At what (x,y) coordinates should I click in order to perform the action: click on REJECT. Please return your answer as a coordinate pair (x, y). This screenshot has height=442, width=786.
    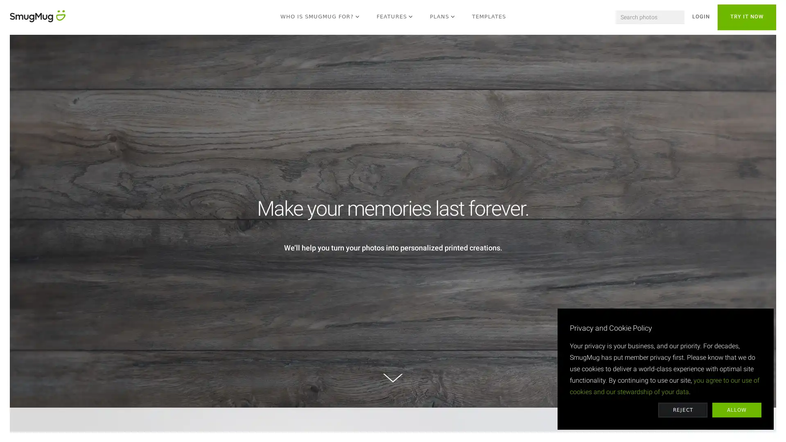
    Looking at the image, I should click on (683, 410).